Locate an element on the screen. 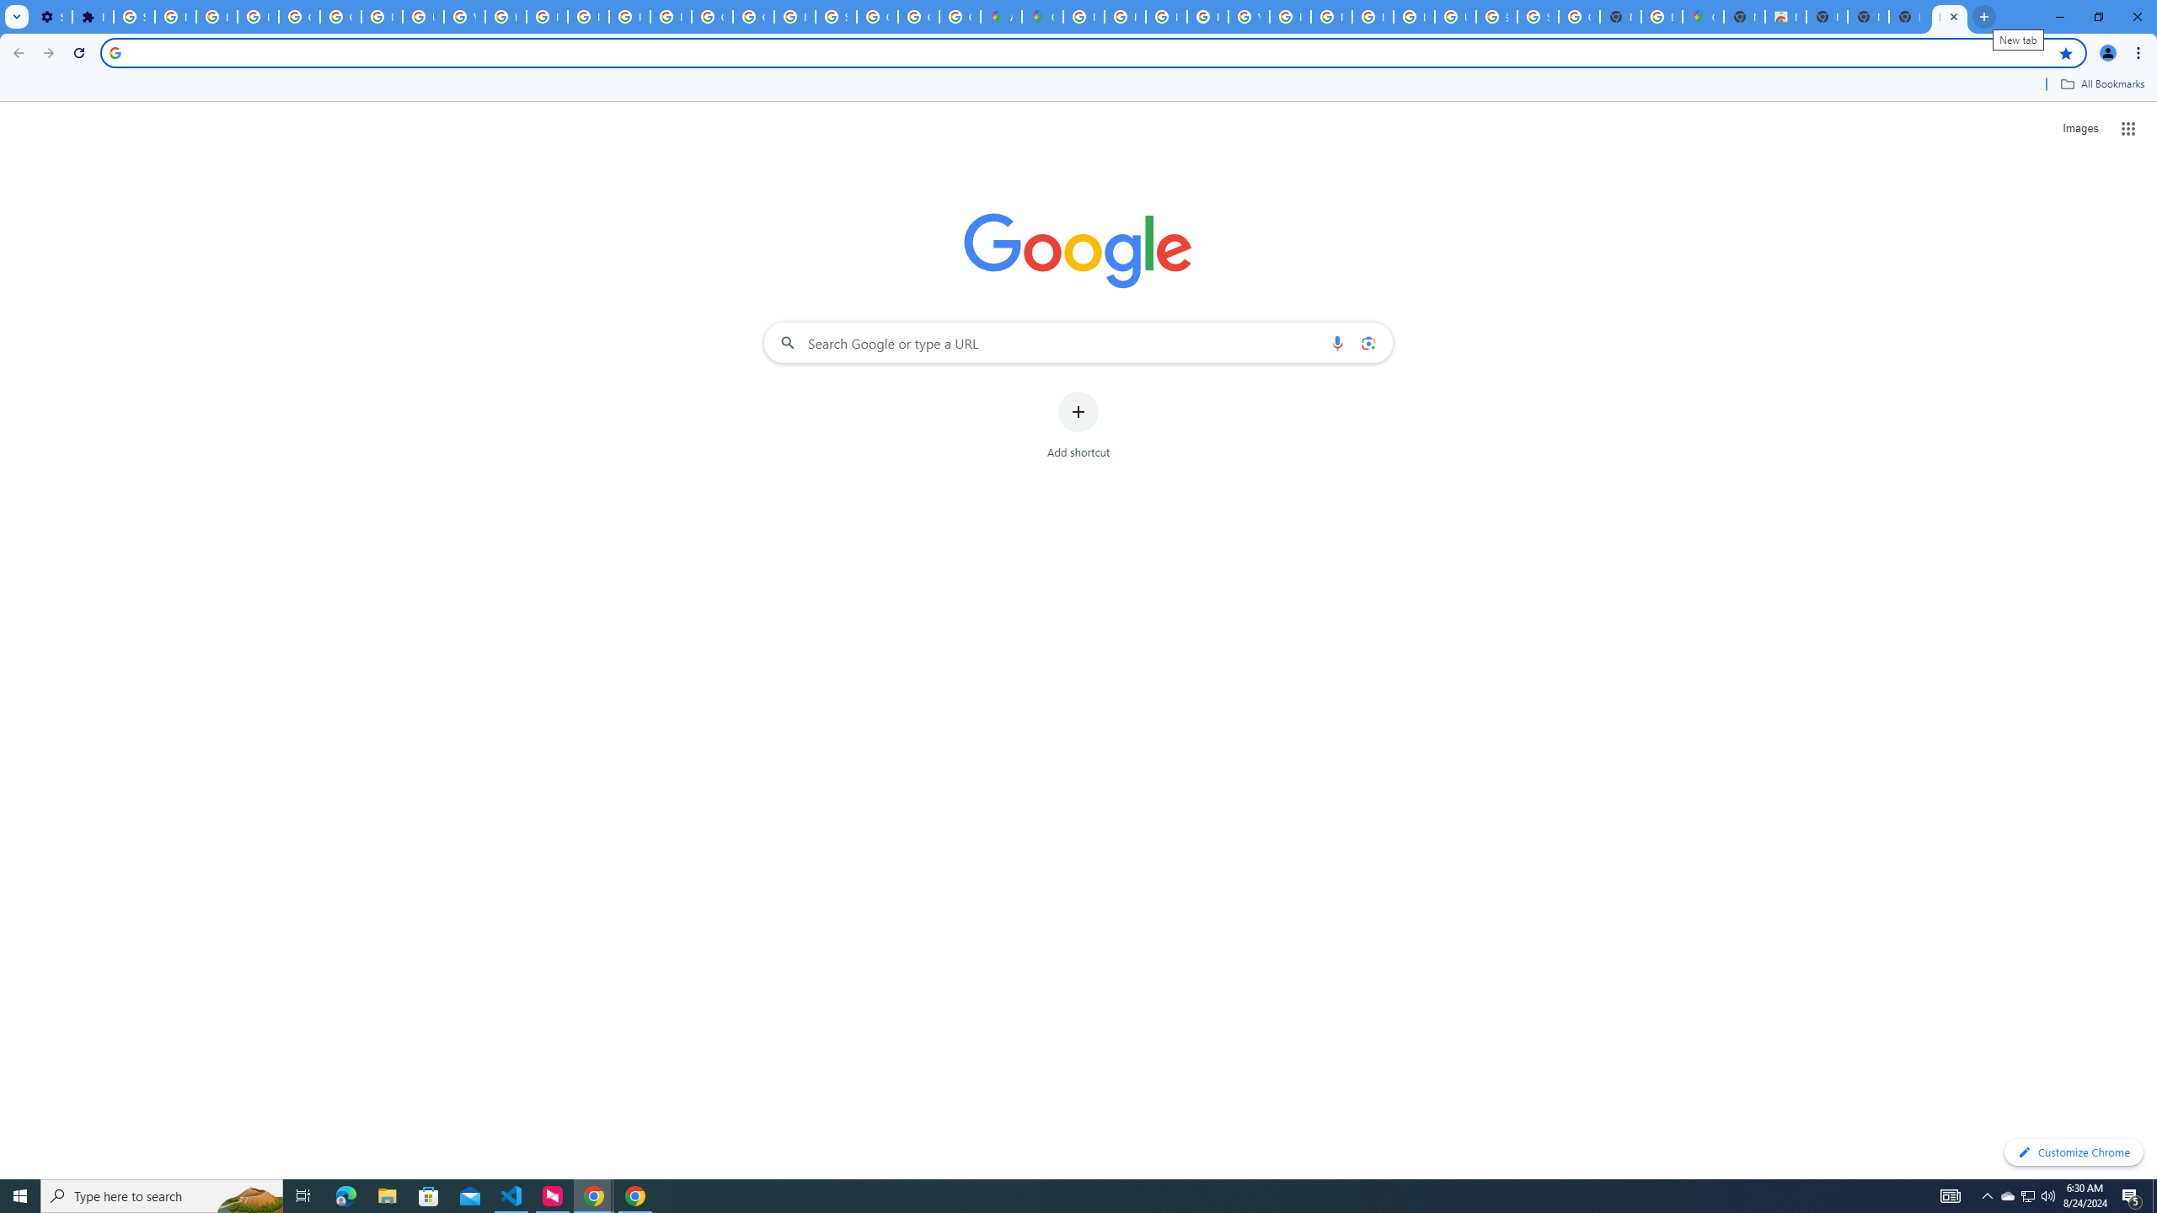  'Google Account Help' is located at coordinates (340, 16).